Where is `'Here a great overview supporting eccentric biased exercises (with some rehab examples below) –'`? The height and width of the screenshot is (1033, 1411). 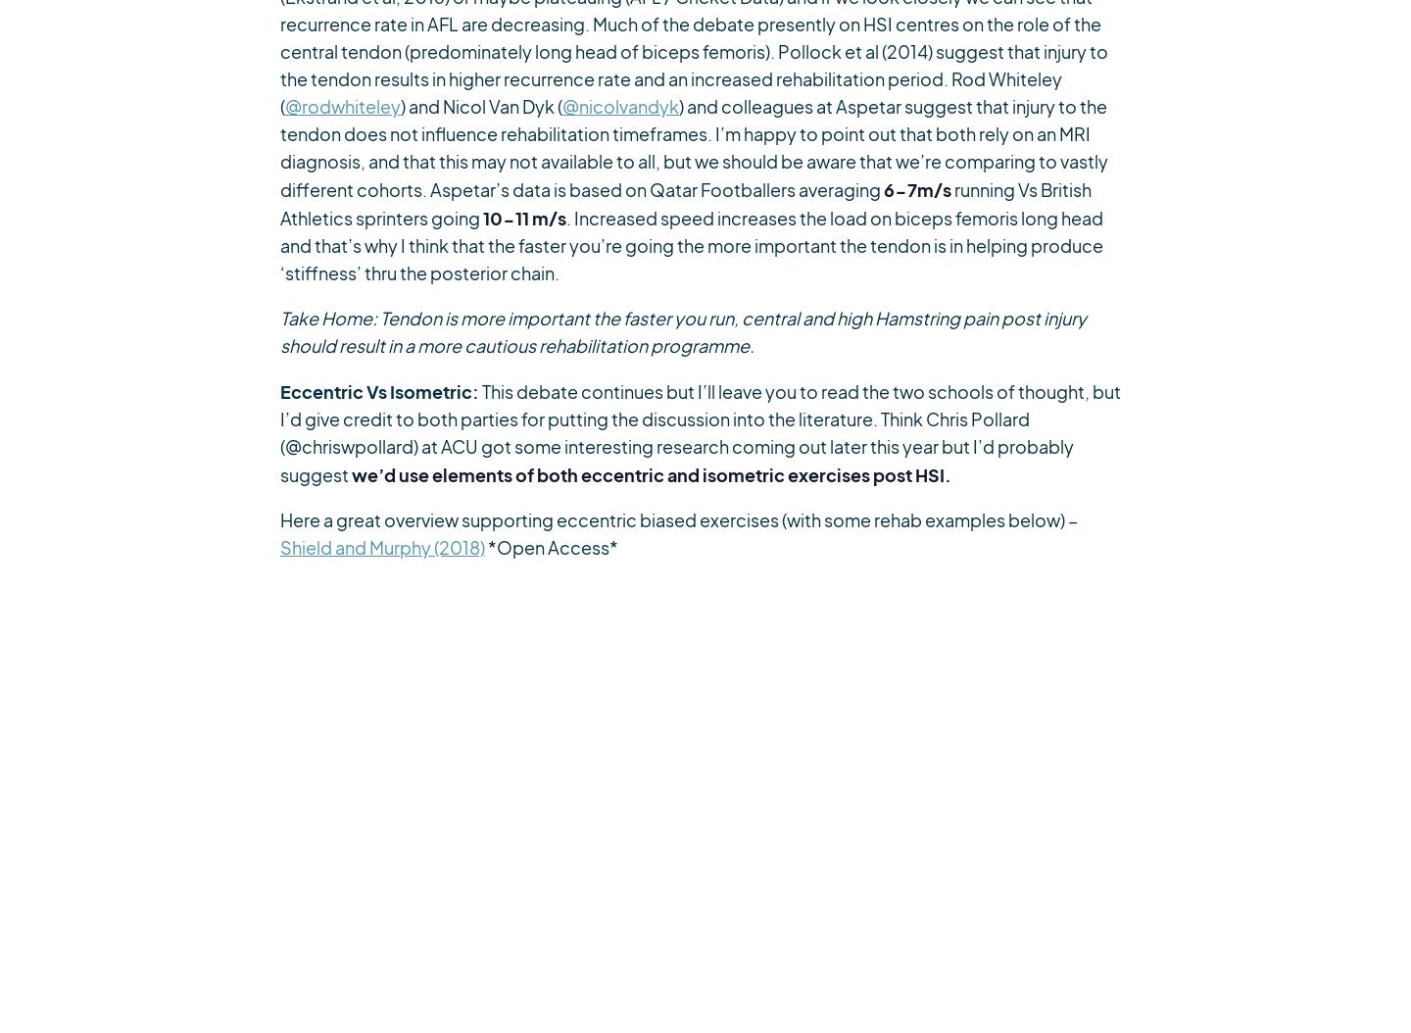 'Here a great overview supporting eccentric biased exercises (with some rehab examples below) –' is located at coordinates (678, 520).